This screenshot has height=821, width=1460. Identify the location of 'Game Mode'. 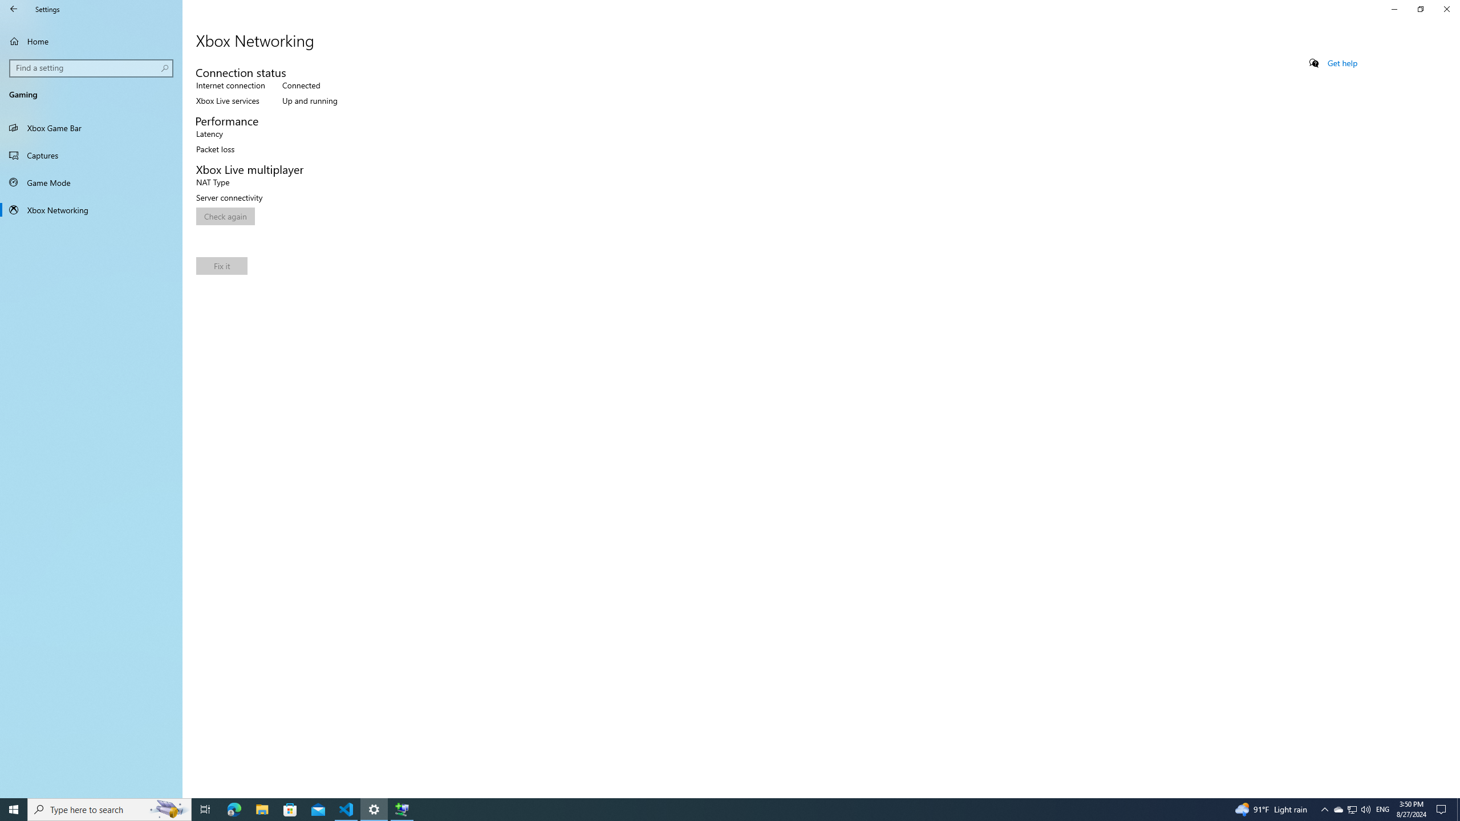
(91, 182).